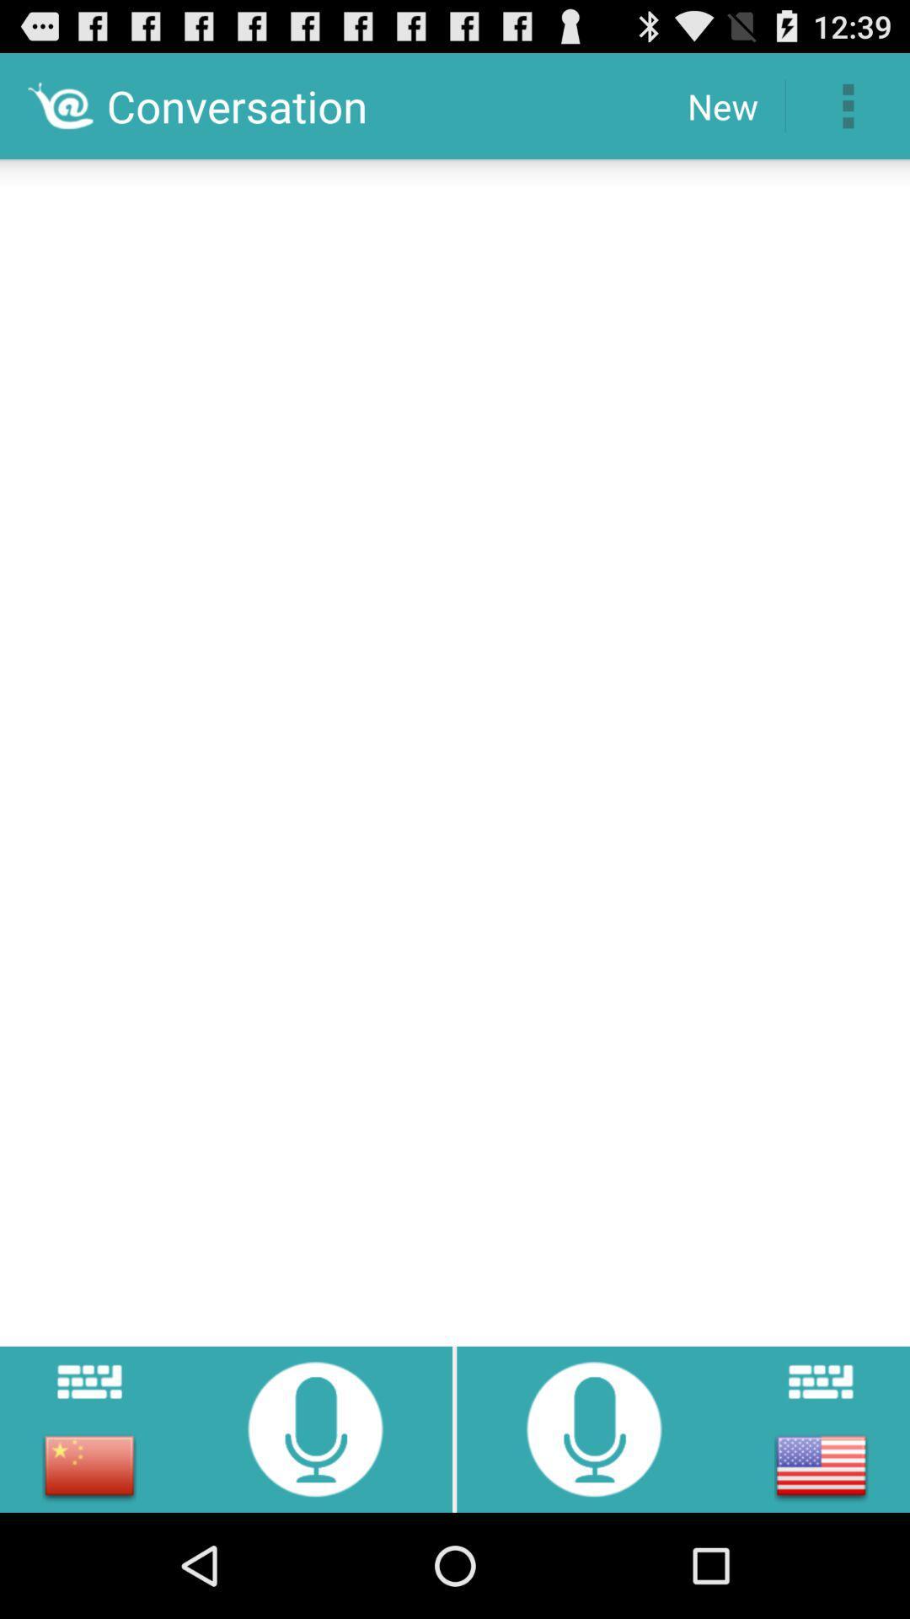 This screenshot has height=1619, width=910. Describe the element at coordinates (593, 1428) in the screenshot. I see `start recording audio in english` at that location.